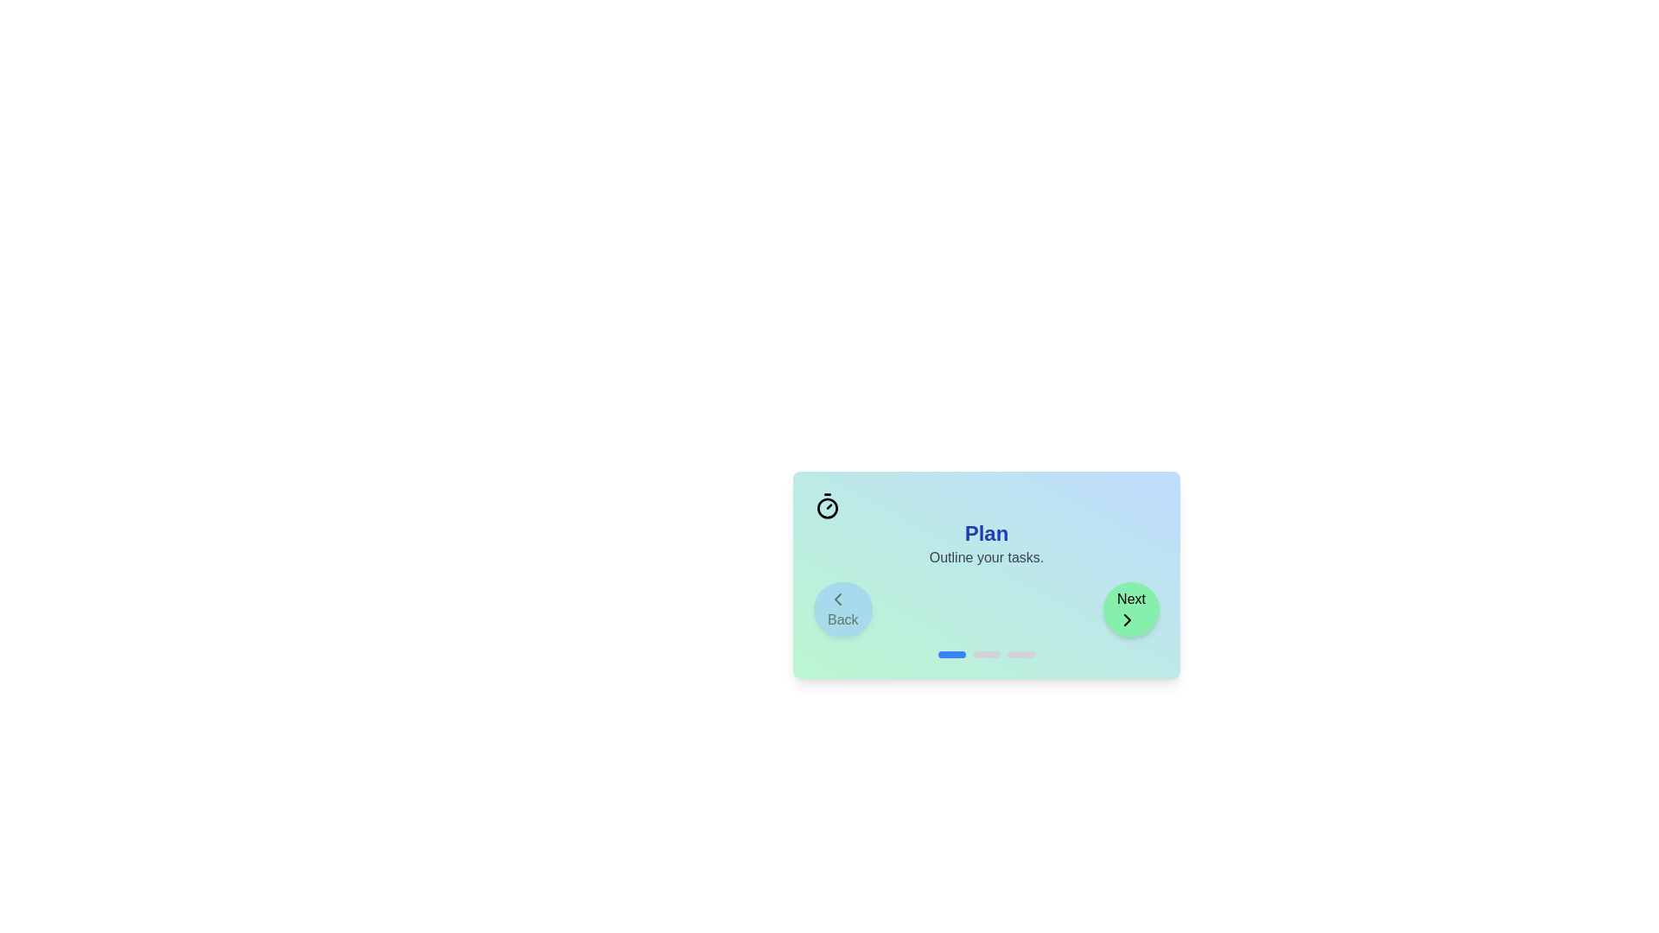 This screenshot has width=1659, height=933. What do you see at coordinates (842, 608) in the screenshot?
I see `the Back button to navigate stages` at bounding box center [842, 608].